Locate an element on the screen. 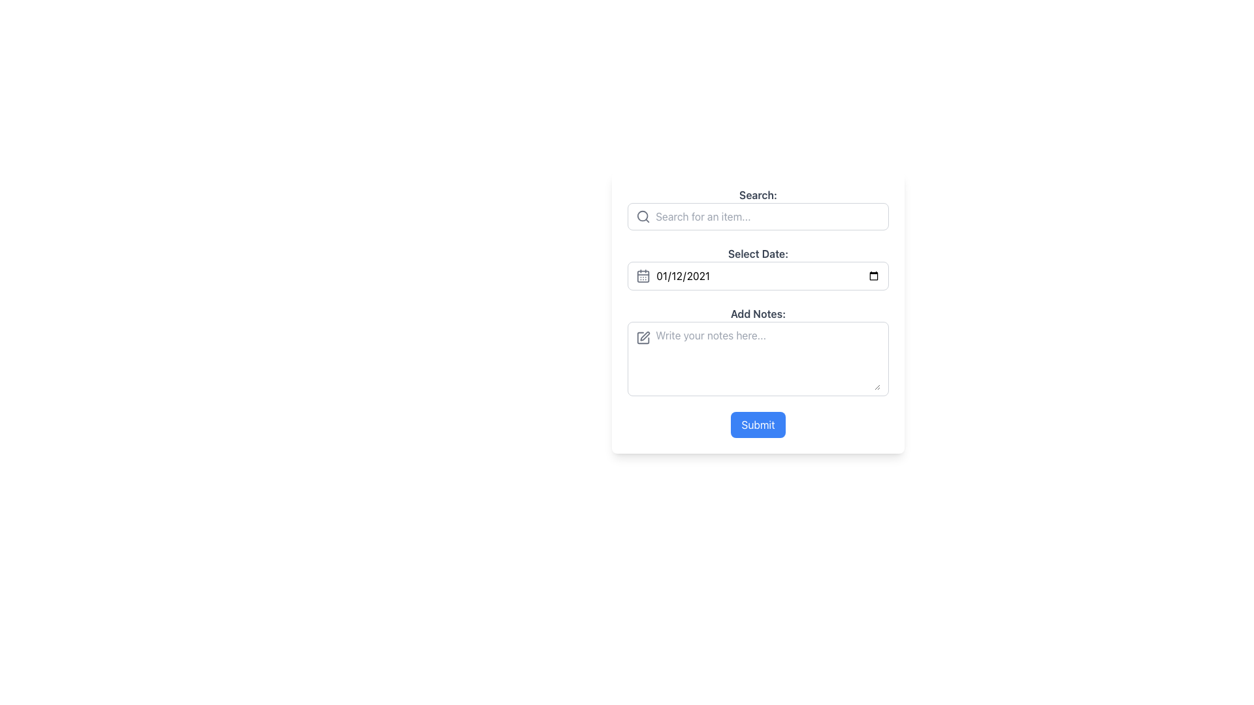 The width and height of the screenshot is (1254, 705). the blue 'Submit' button at the bottom-center of the form interface is located at coordinates (758, 425).